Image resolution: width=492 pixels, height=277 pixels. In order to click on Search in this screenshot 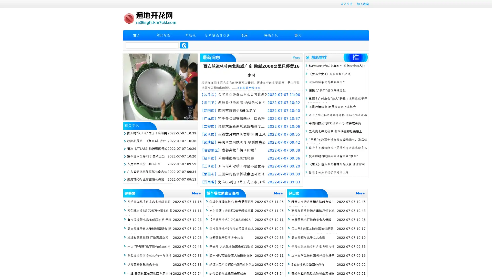, I will do `click(184, 45)`.